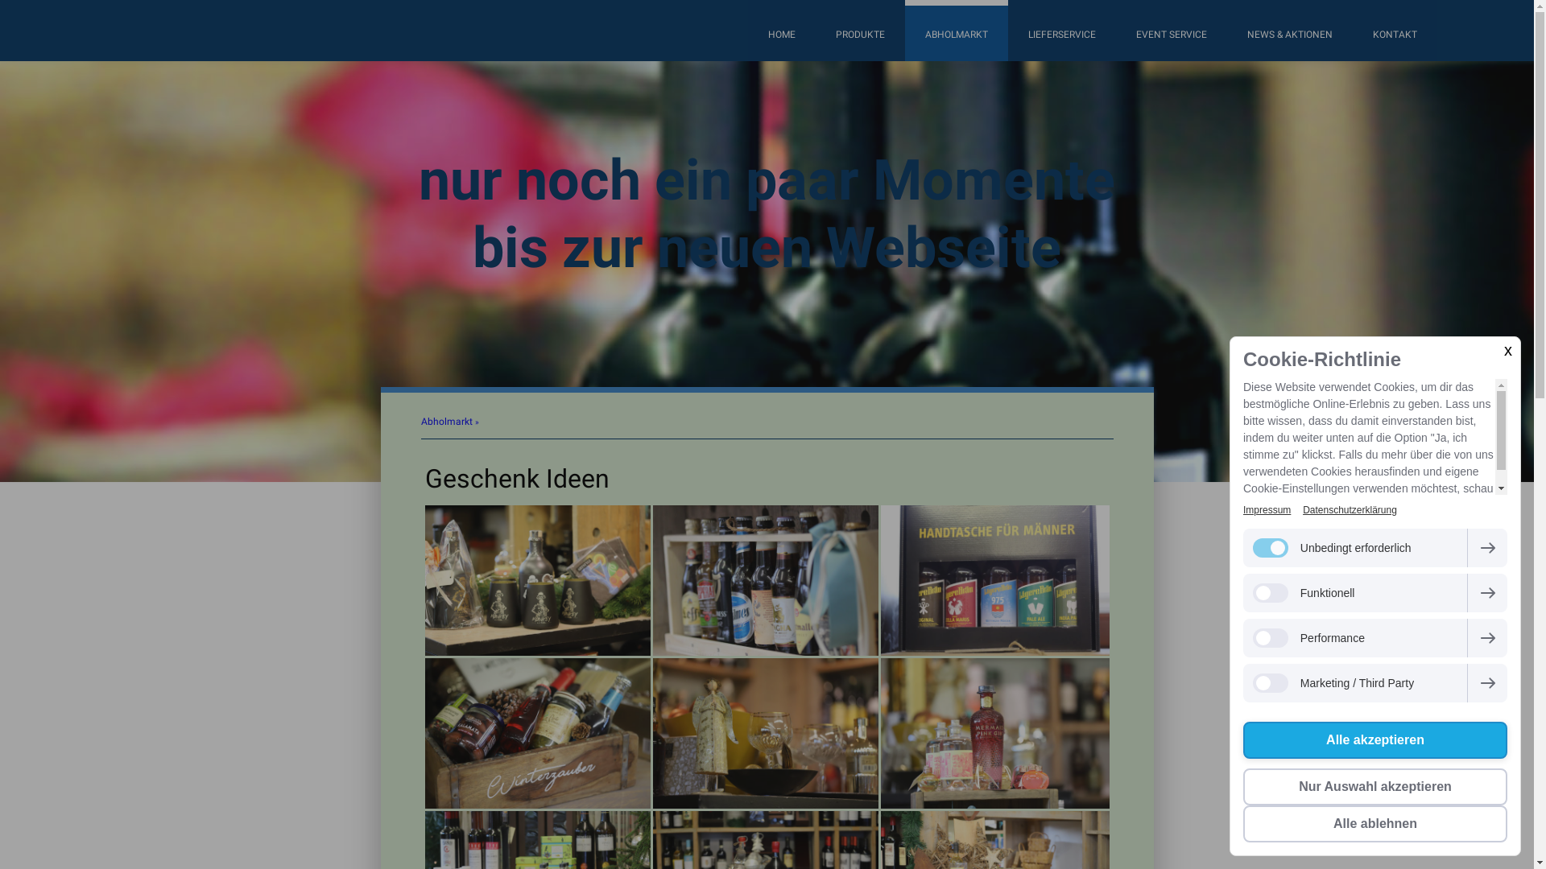  I want to click on 'Nur Auswahl akzeptieren', so click(1374, 786).